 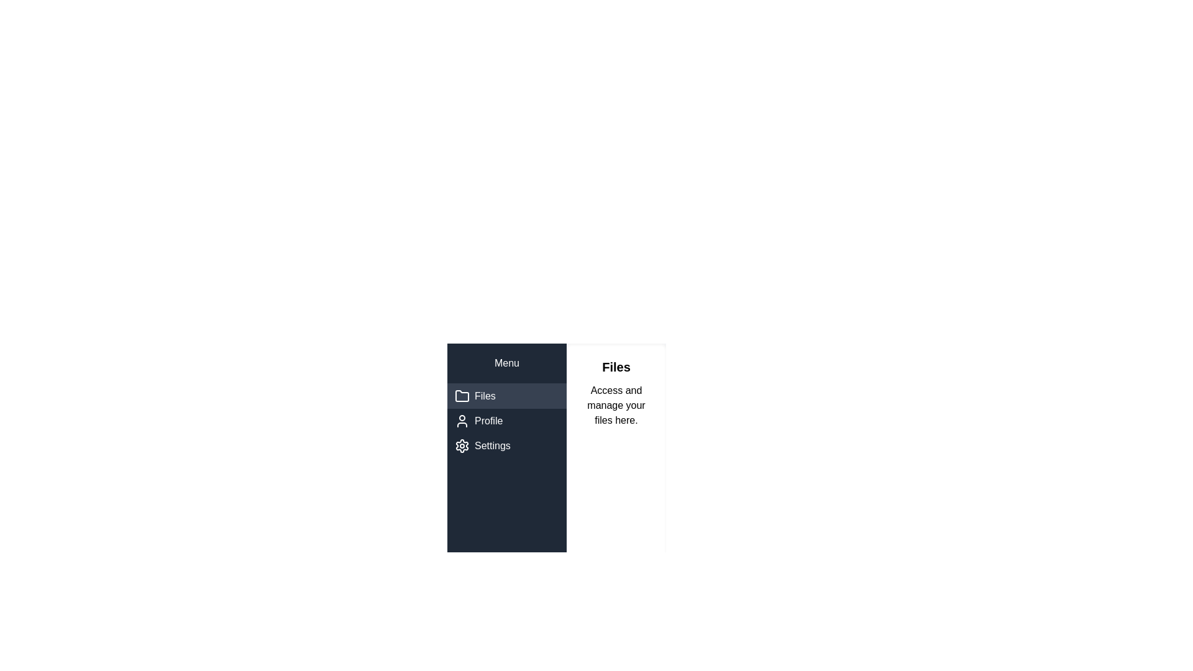 I want to click on the Files tab by clicking on it, so click(x=507, y=396).